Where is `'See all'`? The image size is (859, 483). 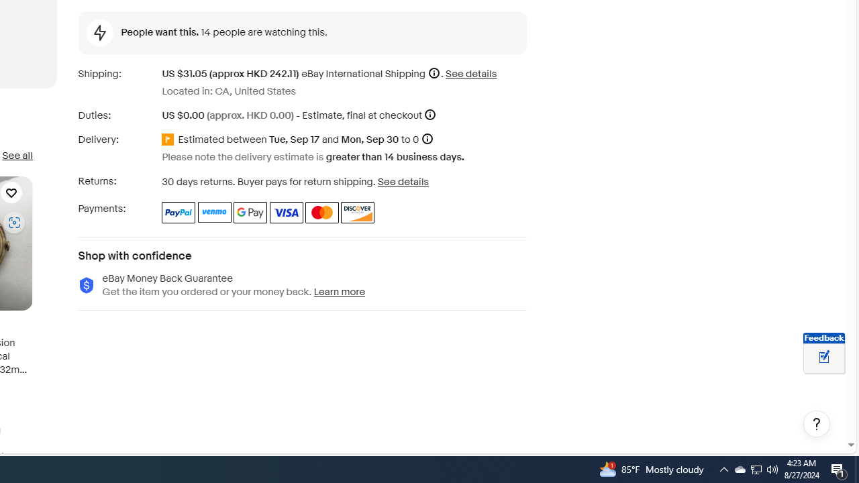 'See all' is located at coordinates (17, 155).